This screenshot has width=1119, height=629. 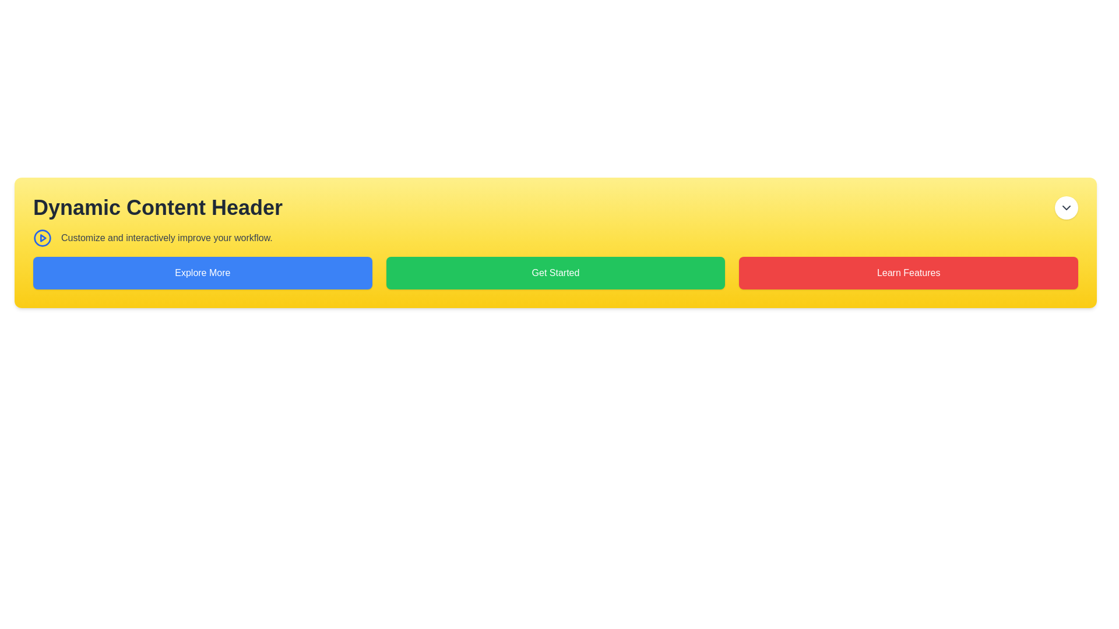 I want to click on the 'Explore More' button, so click(x=202, y=273).